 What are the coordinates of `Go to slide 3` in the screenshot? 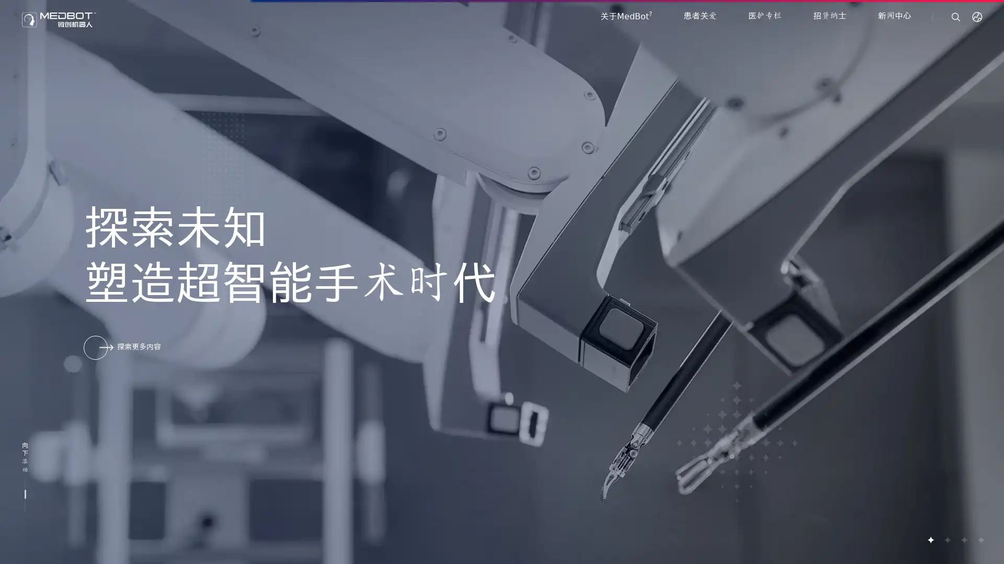 It's located at (963, 539).